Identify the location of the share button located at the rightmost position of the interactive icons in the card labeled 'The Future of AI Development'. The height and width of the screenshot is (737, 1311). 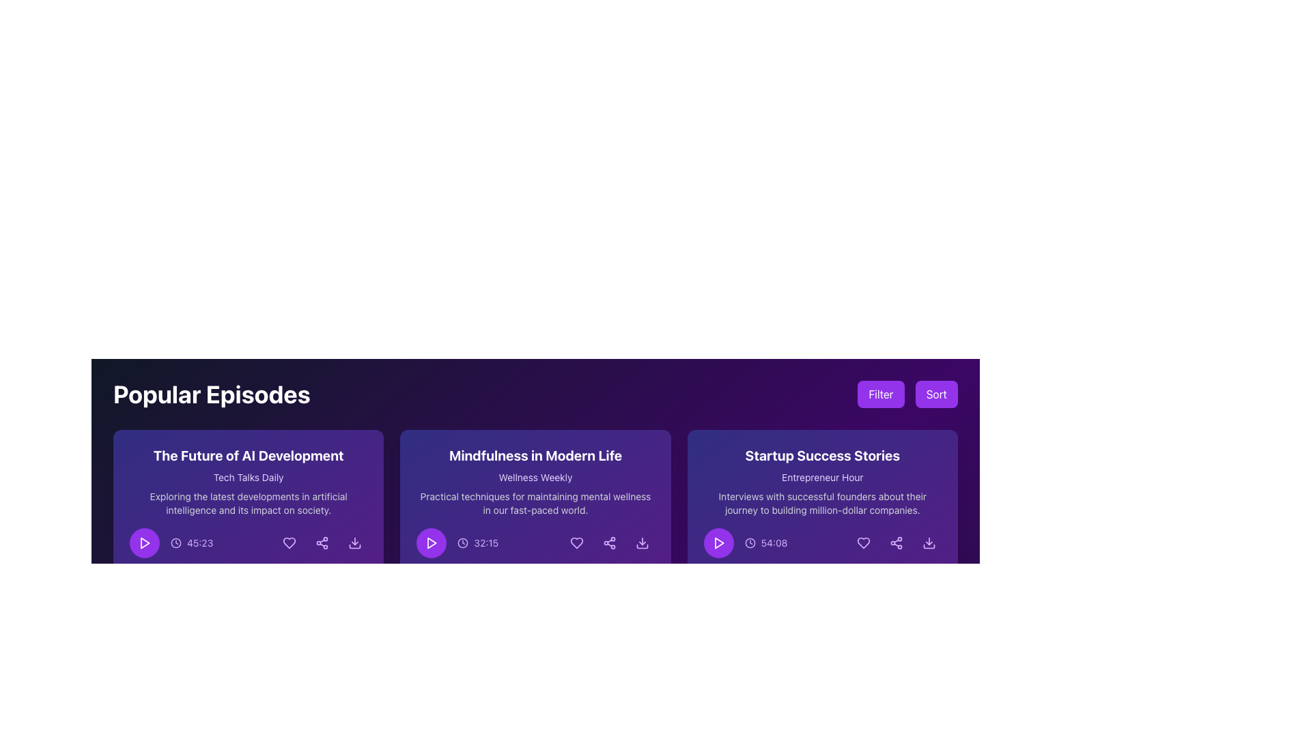
(322, 542).